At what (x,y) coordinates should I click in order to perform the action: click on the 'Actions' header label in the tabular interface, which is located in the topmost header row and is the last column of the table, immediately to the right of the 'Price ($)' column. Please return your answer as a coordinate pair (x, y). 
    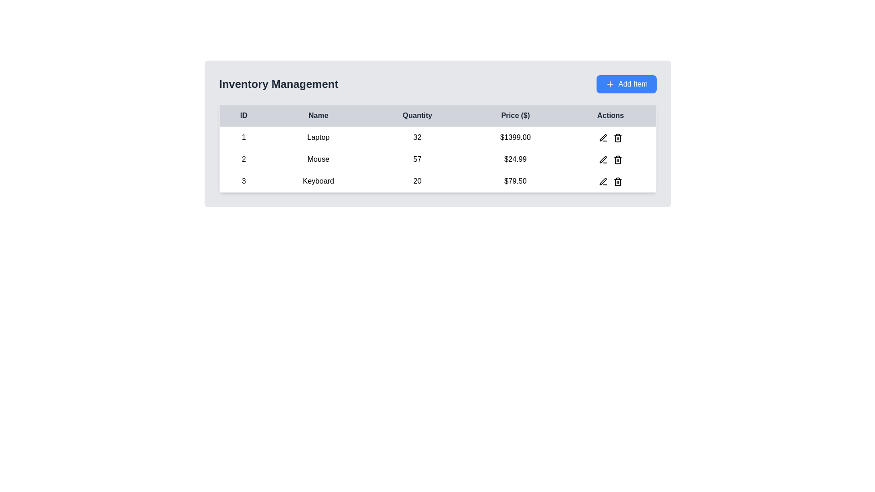
    Looking at the image, I should click on (611, 115).